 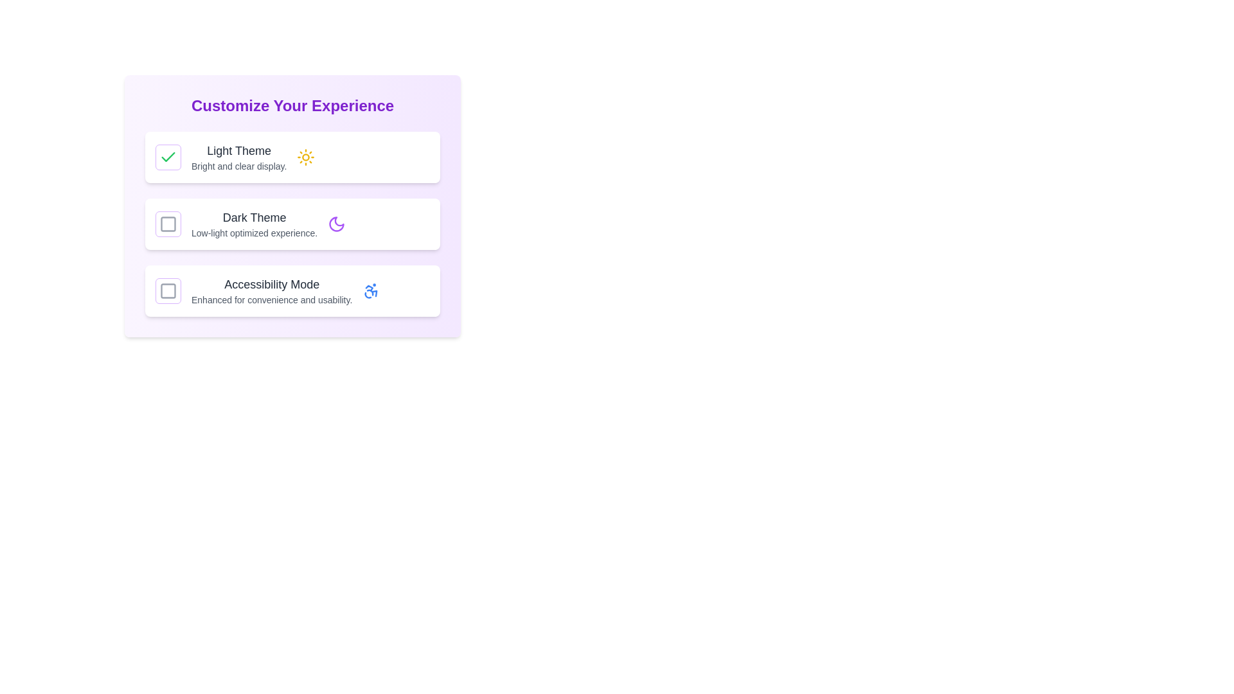 What do you see at coordinates (305, 157) in the screenshot?
I see `the light theme icon, which represents the light theme option located to the left of the text 'Bright and clear display.'` at bounding box center [305, 157].